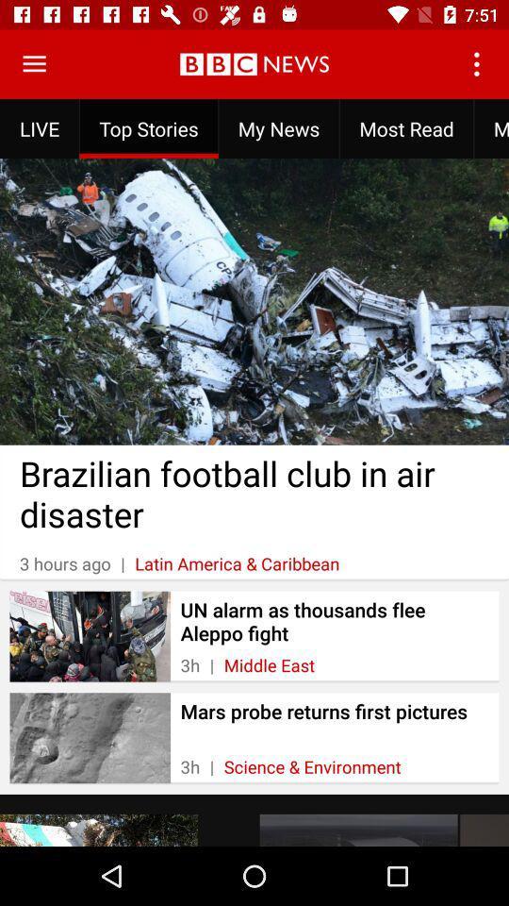 This screenshot has width=509, height=906. What do you see at coordinates (268, 665) in the screenshot?
I see `the item to the right of the | icon` at bounding box center [268, 665].